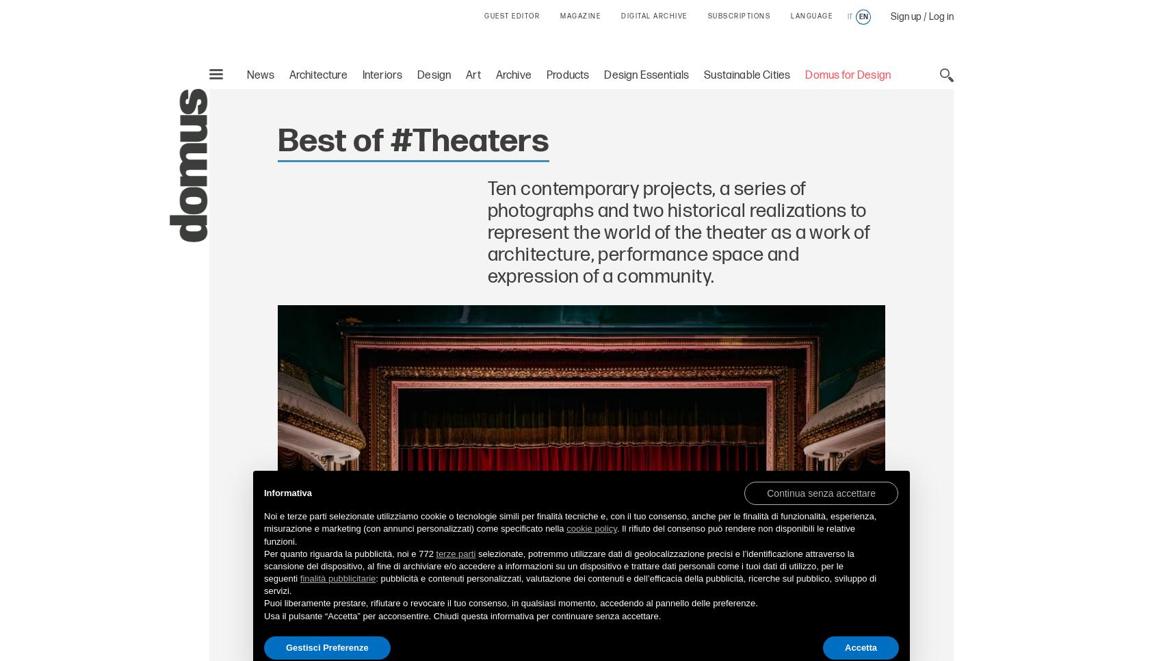 The width and height of the screenshot is (1163, 661). What do you see at coordinates (847, 75) in the screenshot?
I see `'Domus for Design'` at bounding box center [847, 75].